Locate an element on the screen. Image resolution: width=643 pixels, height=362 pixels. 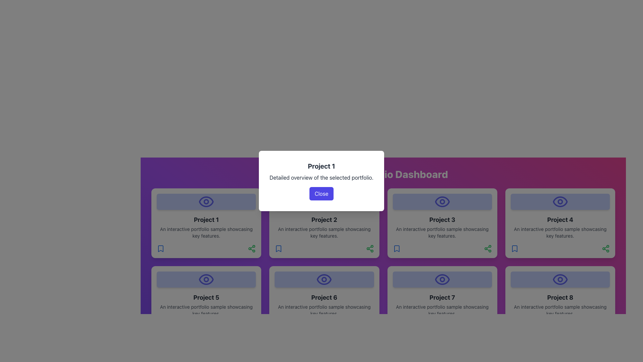
the SVG circle element, which is part of the eye icon indicating view or visibility functions, located in the top-right area of card number five in the grid layout is located at coordinates (206, 279).